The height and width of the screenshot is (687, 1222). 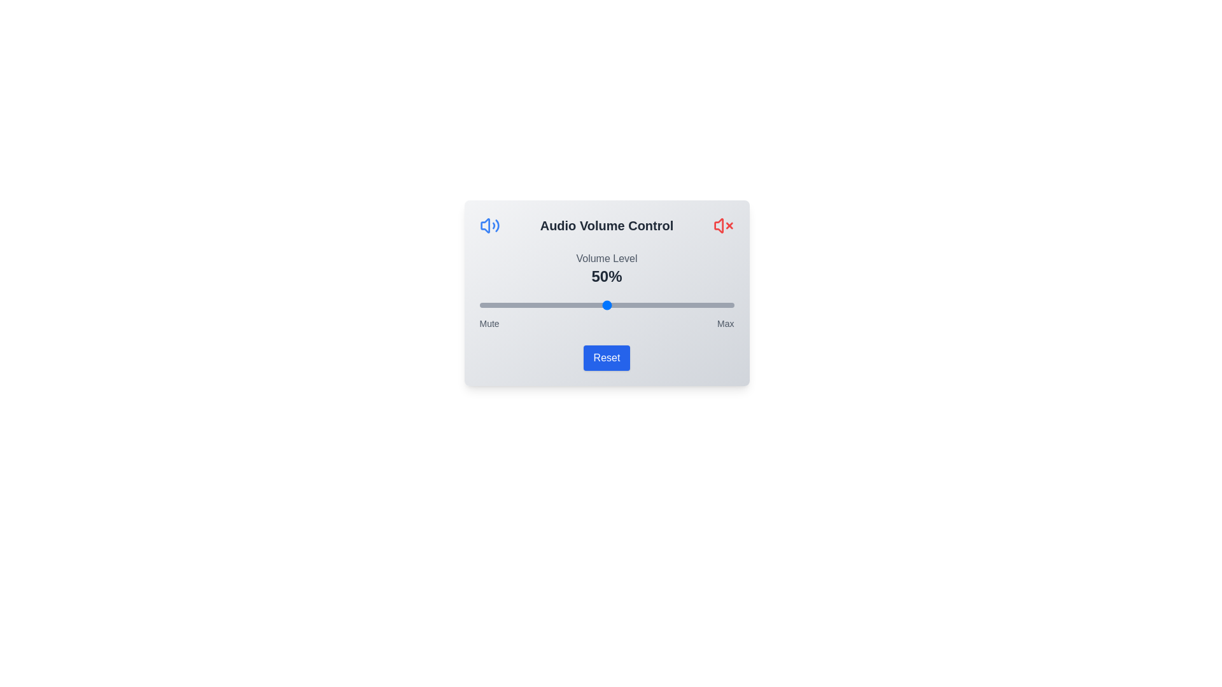 I want to click on the volume slider to 84%, so click(x=692, y=305).